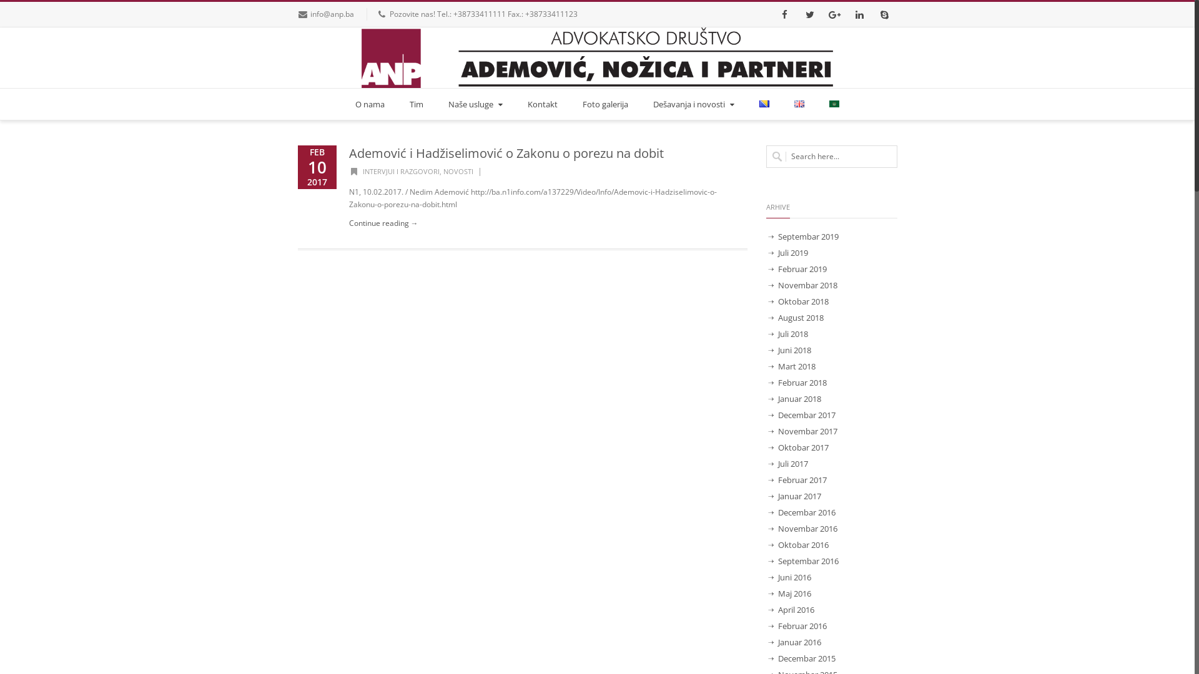 The image size is (1199, 674). What do you see at coordinates (789, 593) in the screenshot?
I see `'Maj 2016'` at bounding box center [789, 593].